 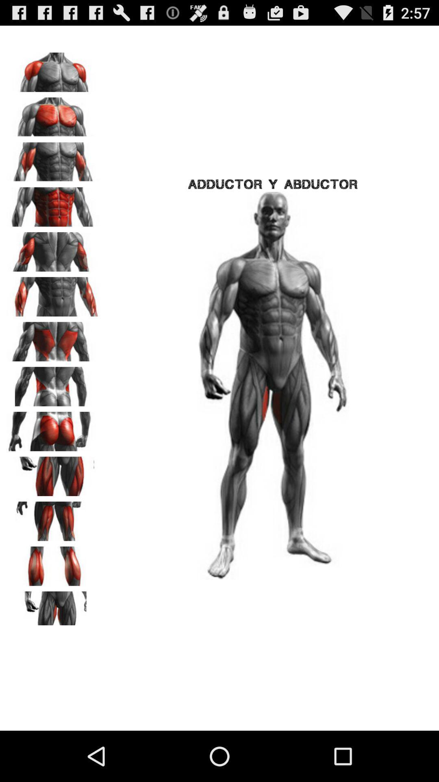 I want to click on for chest exercises, so click(x=53, y=69).